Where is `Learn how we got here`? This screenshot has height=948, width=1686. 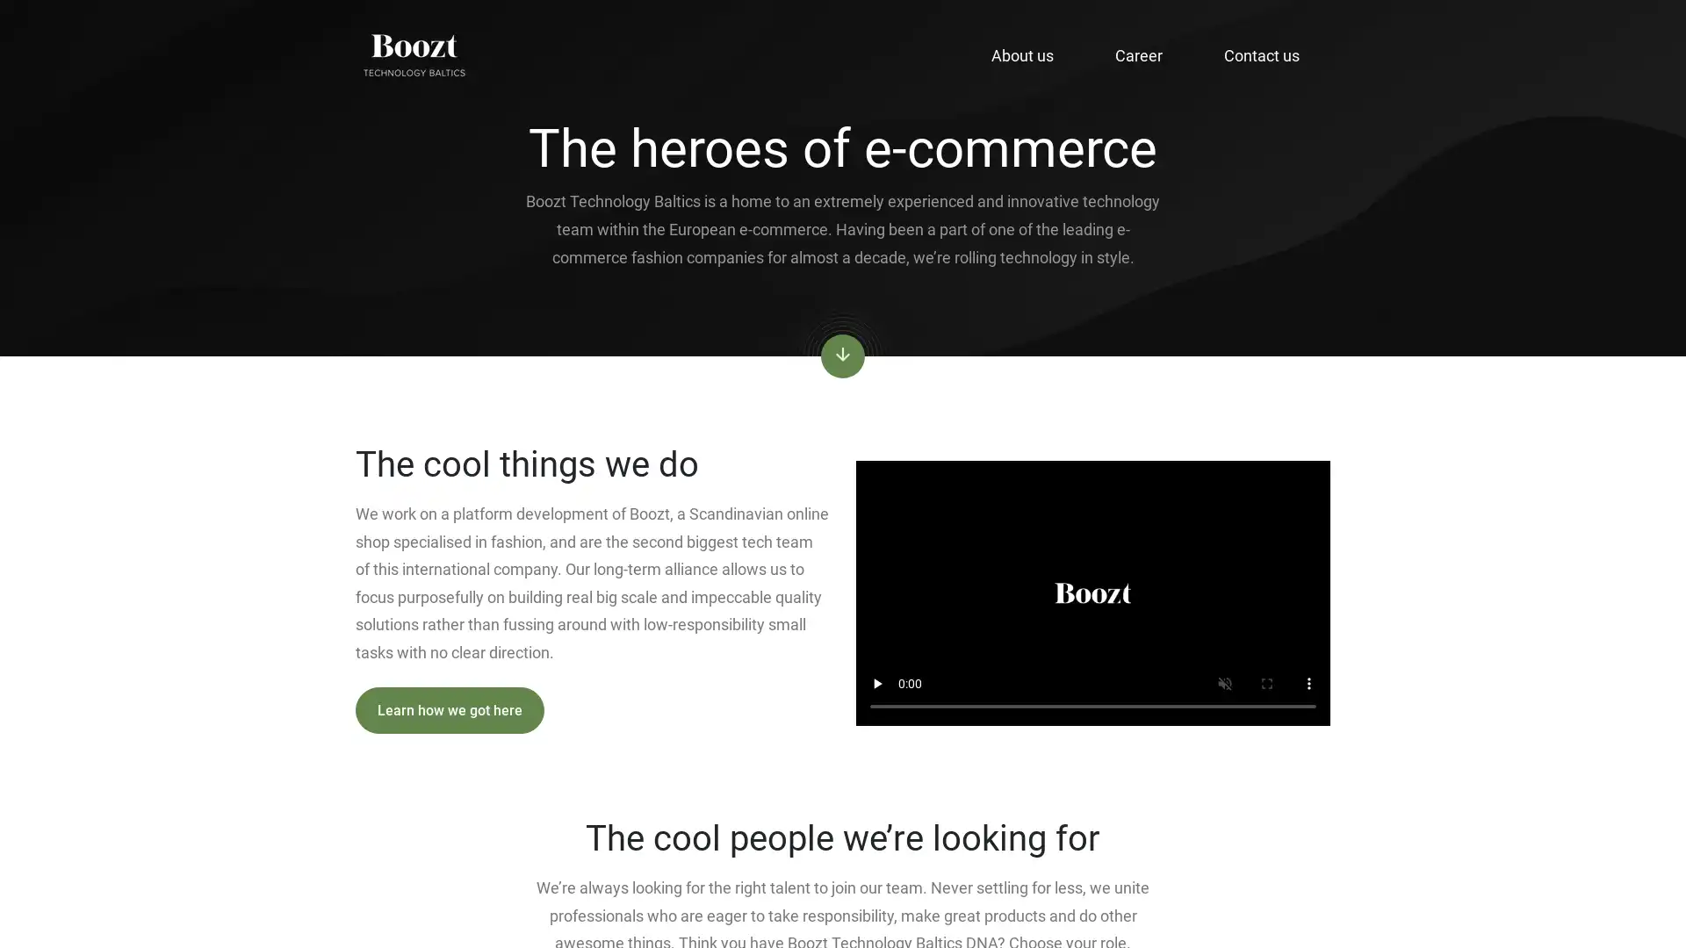
Learn how we got here is located at coordinates (450, 709).